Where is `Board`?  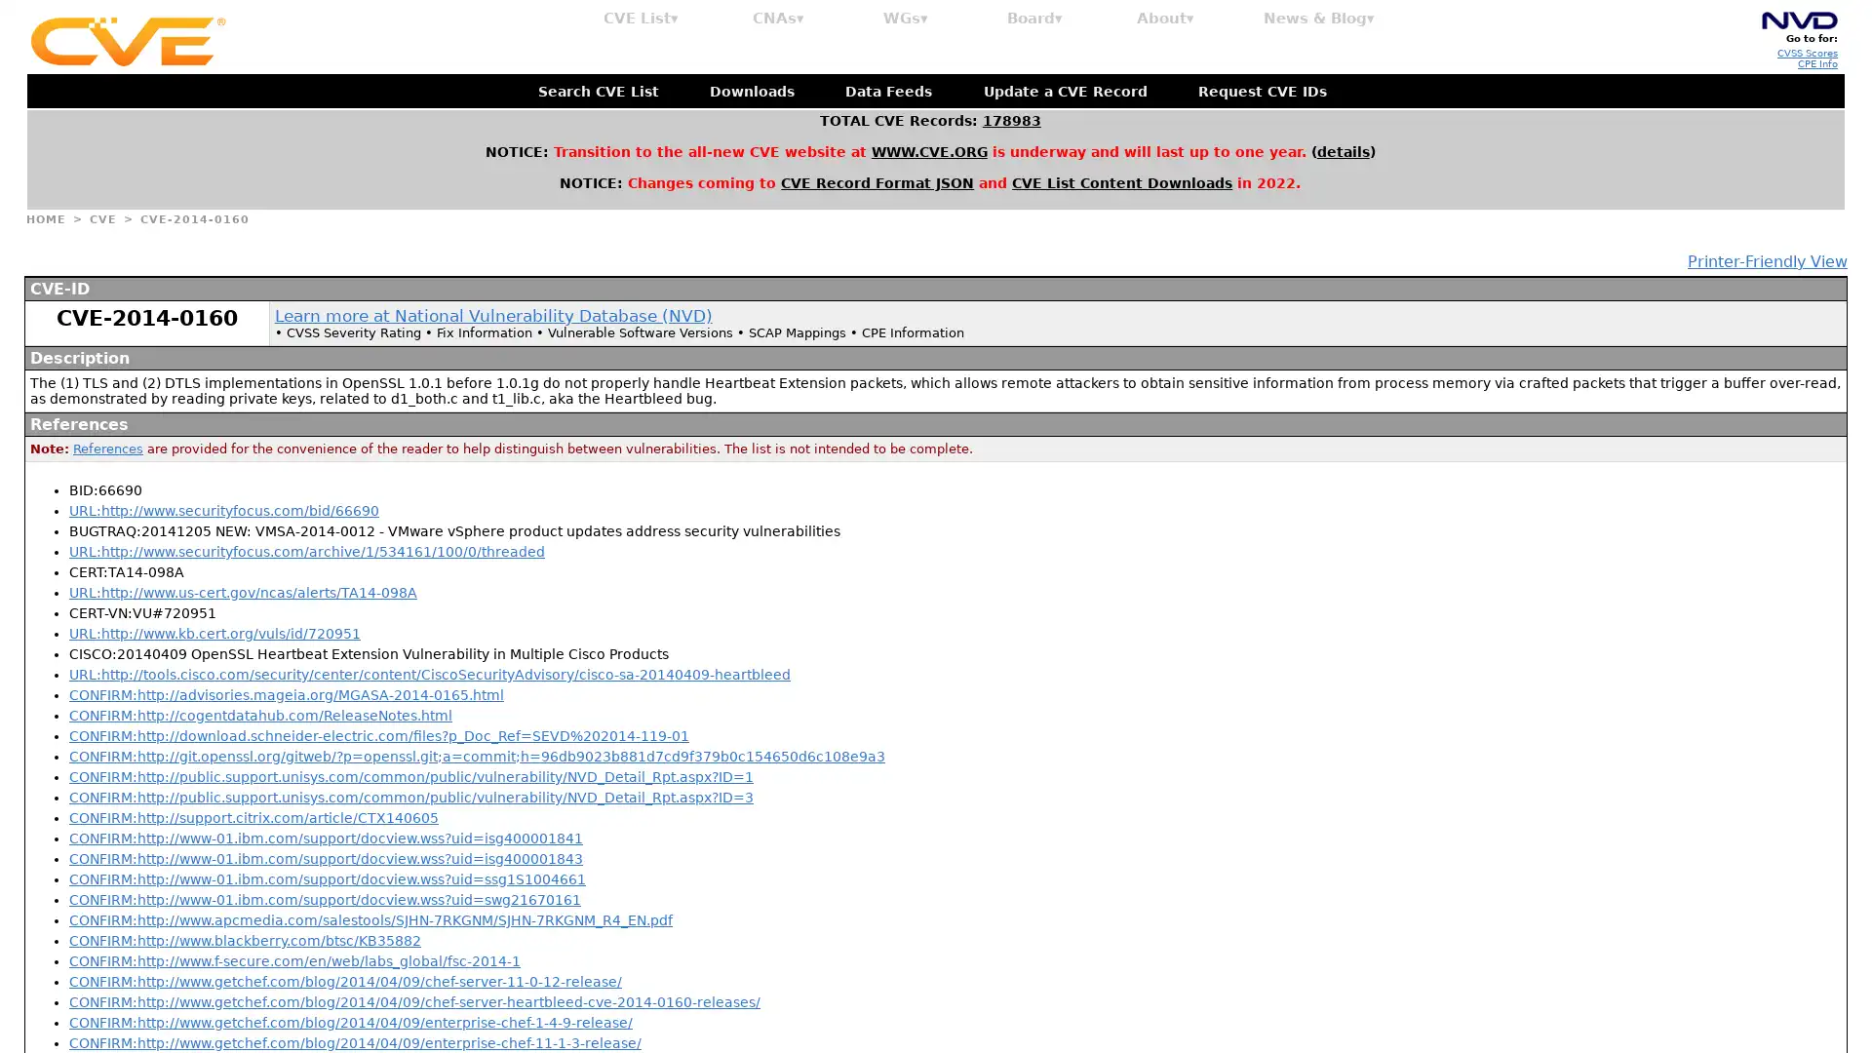 Board is located at coordinates (1033, 19).